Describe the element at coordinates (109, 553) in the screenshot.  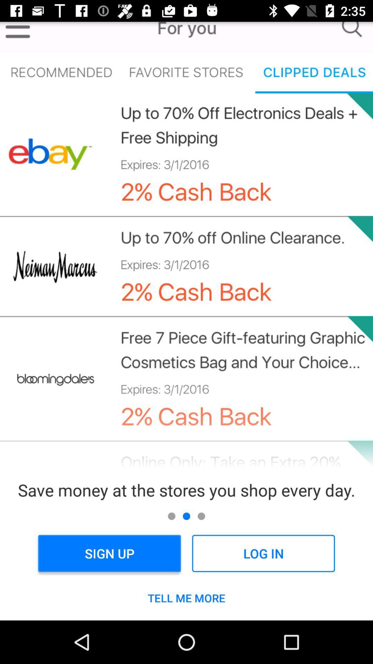
I see `the icon next to log in item` at that location.